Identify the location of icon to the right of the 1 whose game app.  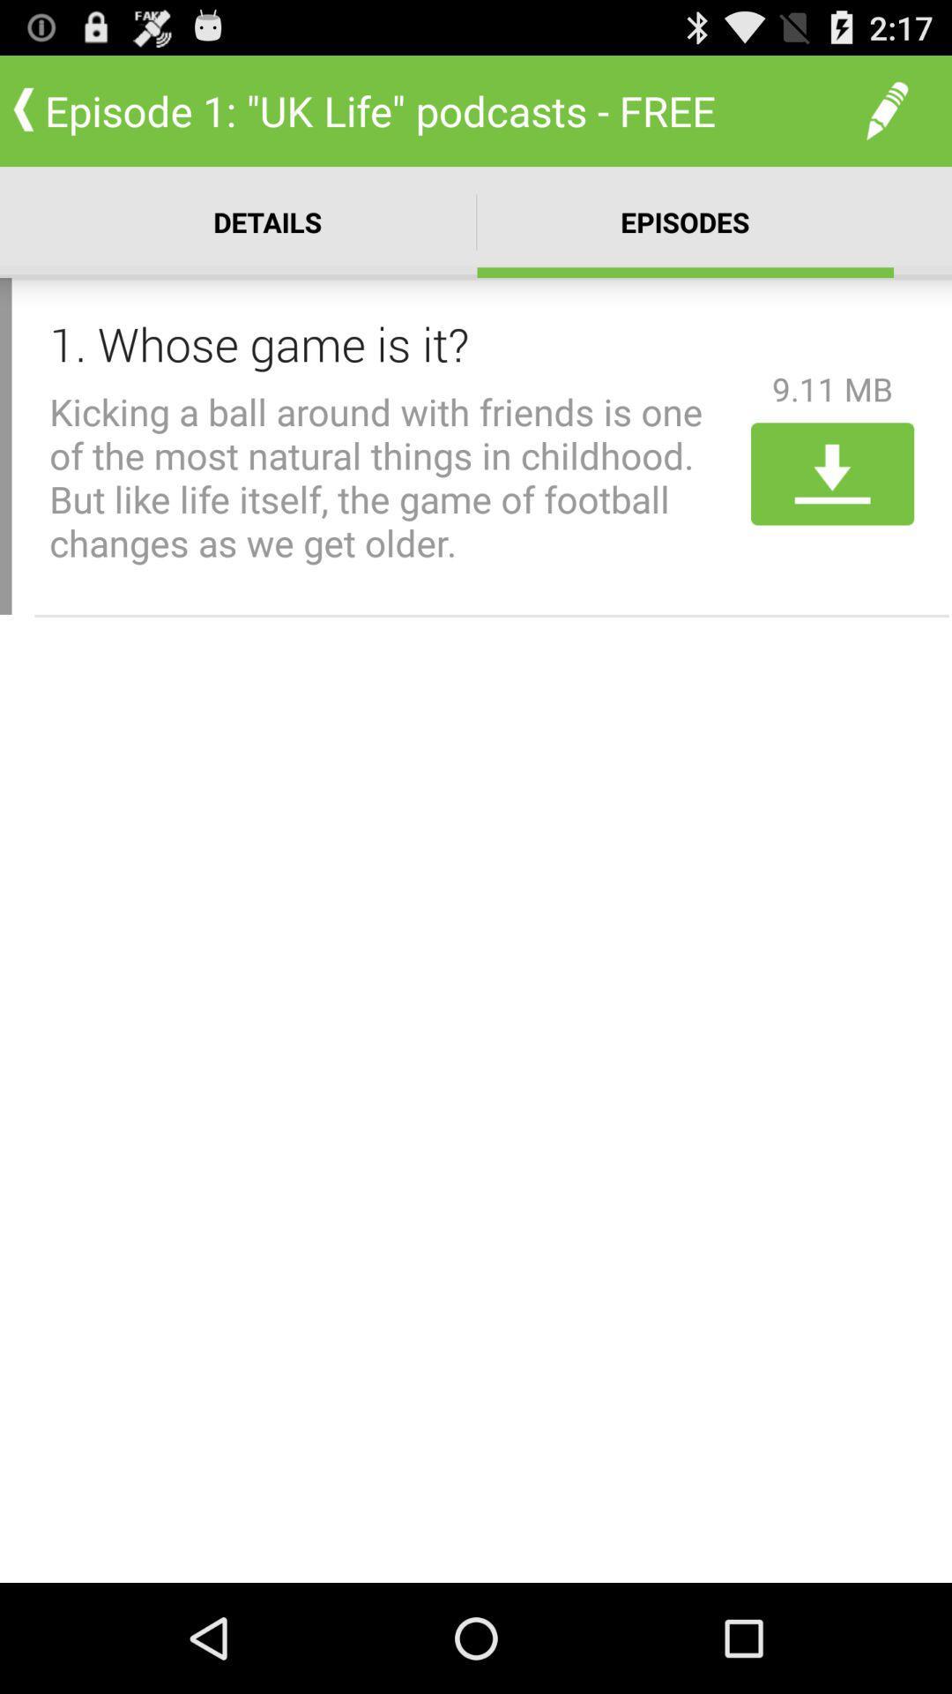
(832, 388).